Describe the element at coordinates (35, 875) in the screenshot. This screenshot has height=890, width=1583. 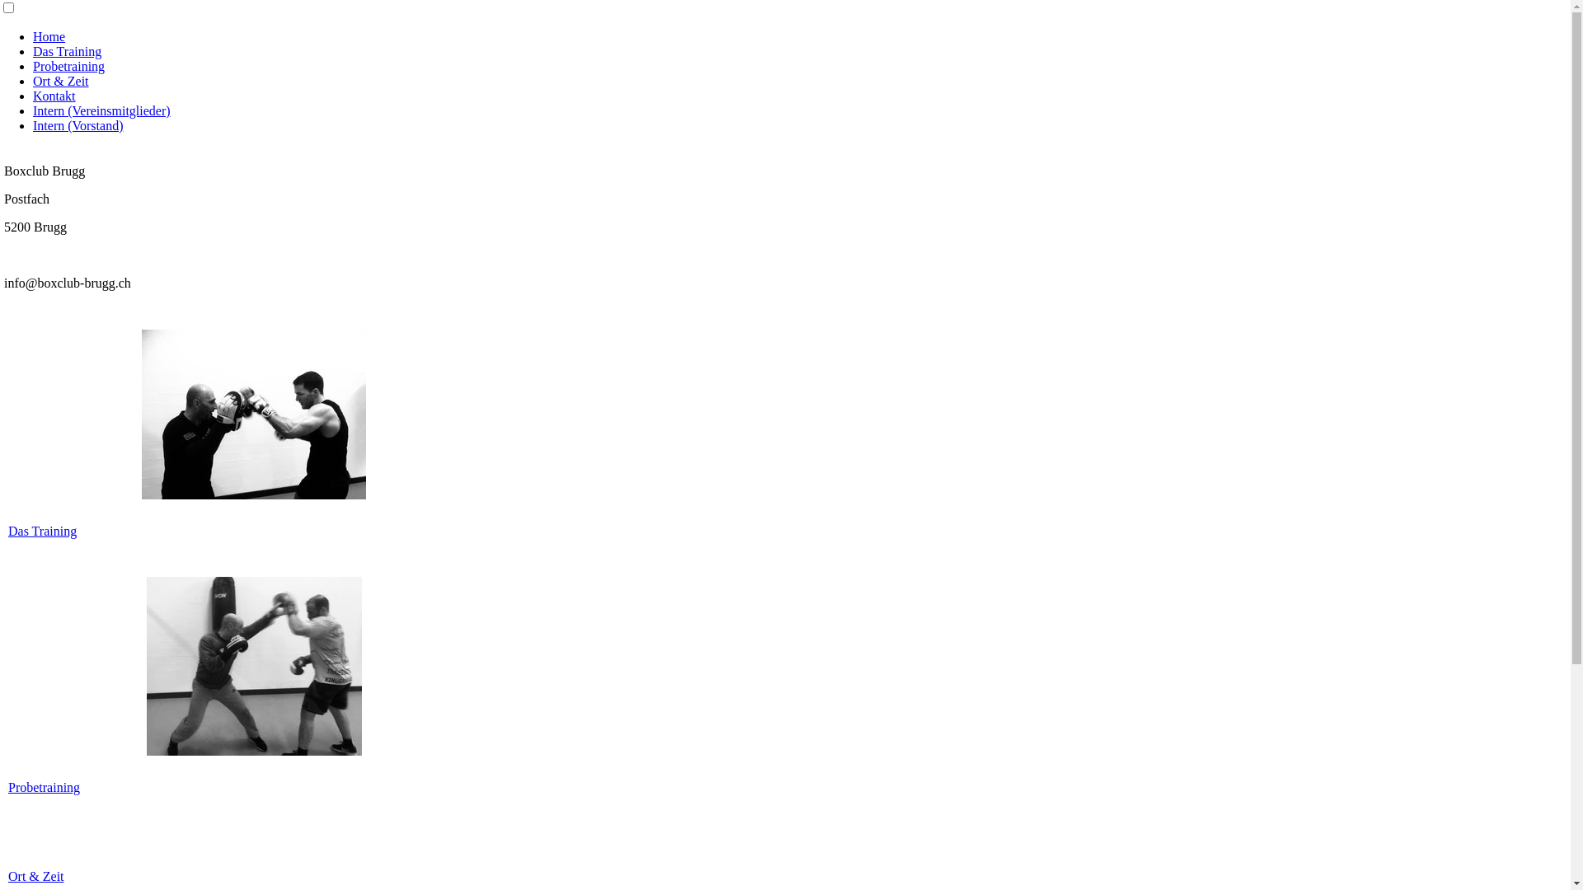
I see `'Ort & Zeit'` at that location.